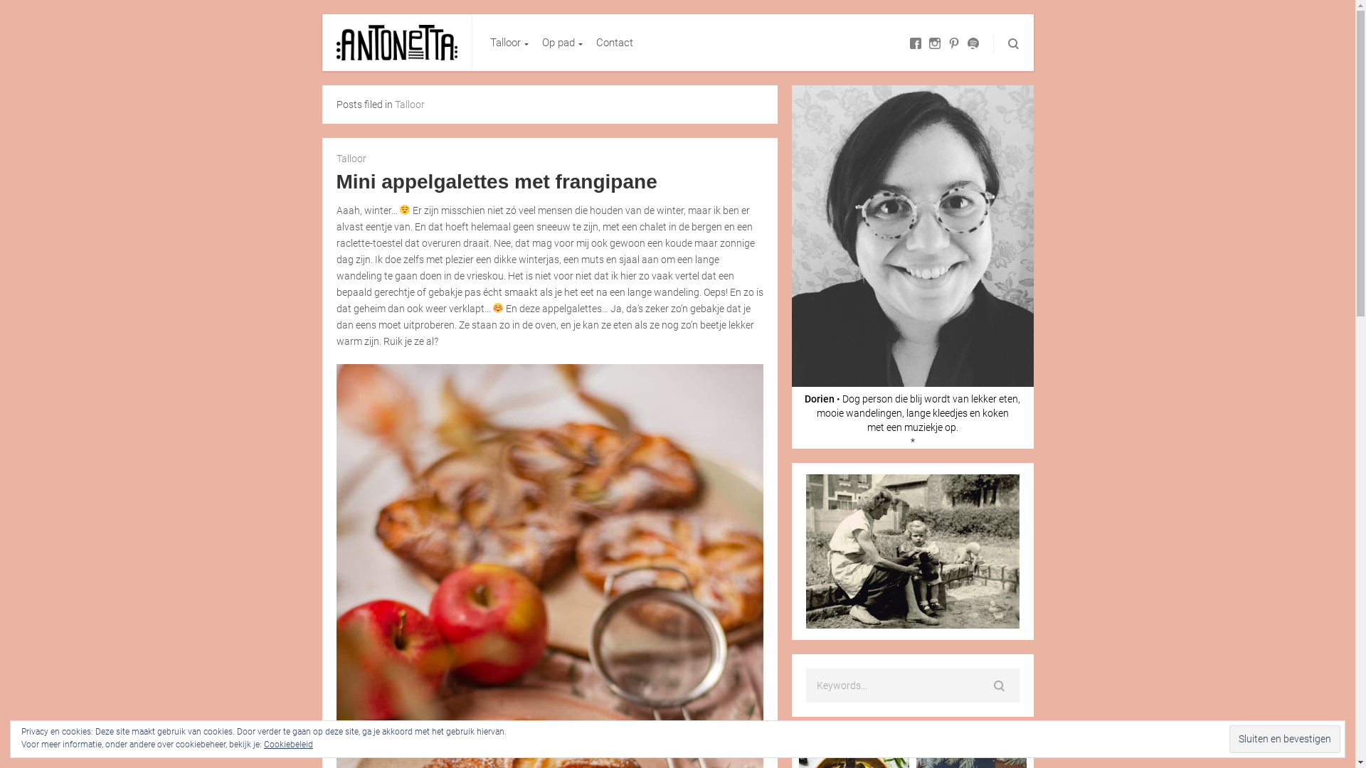 The image size is (1366, 768). What do you see at coordinates (496, 181) in the screenshot?
I see `'Mini appelgalettes met frangipane'` at bounding box center [496, 181].